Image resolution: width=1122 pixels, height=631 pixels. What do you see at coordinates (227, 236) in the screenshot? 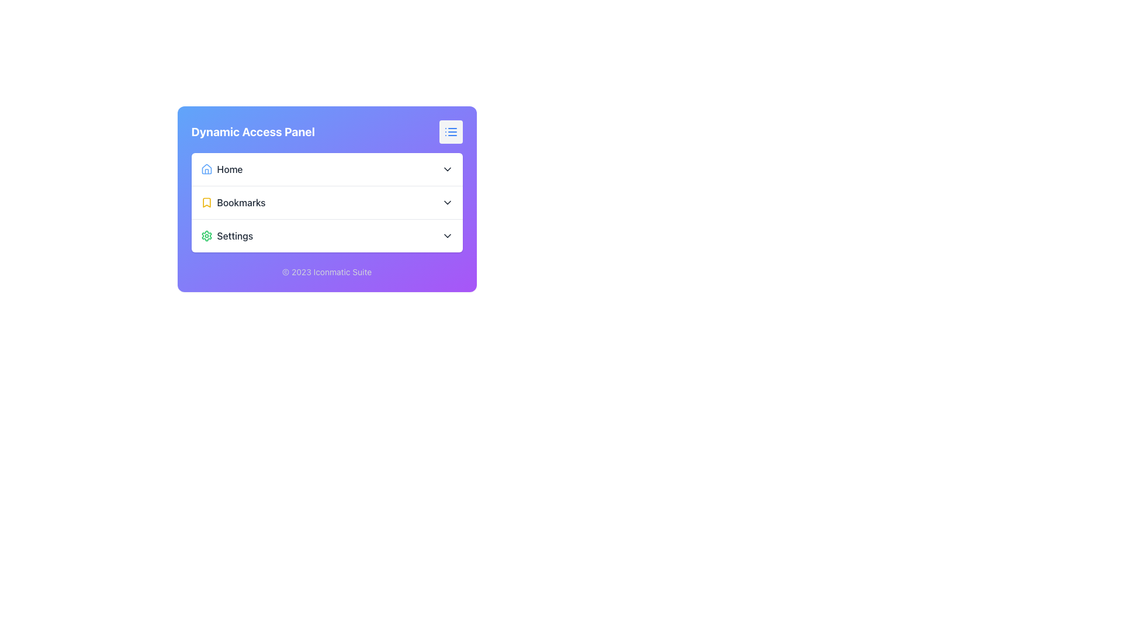
I see `the third clickable menu item labeled 'Settings'` at bounding box center [227, 236].